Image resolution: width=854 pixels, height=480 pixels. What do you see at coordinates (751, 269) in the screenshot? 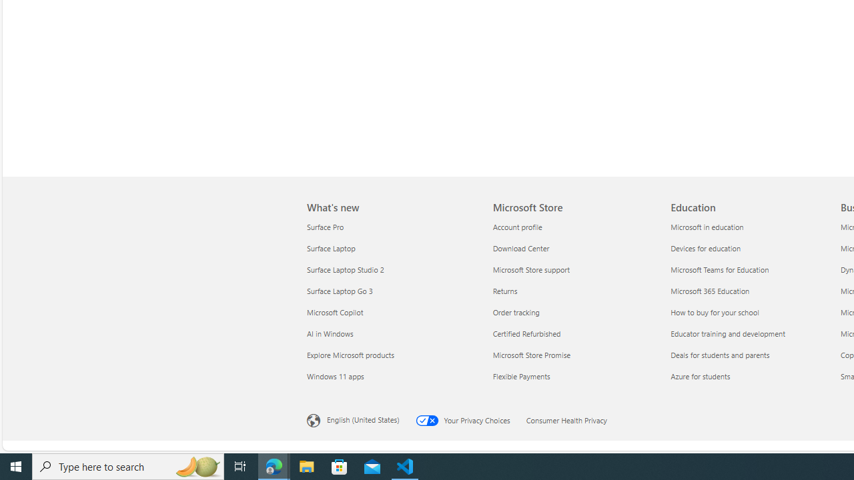
I see `'Microsoft Teams for Education'` at bounding box center [751, 269].